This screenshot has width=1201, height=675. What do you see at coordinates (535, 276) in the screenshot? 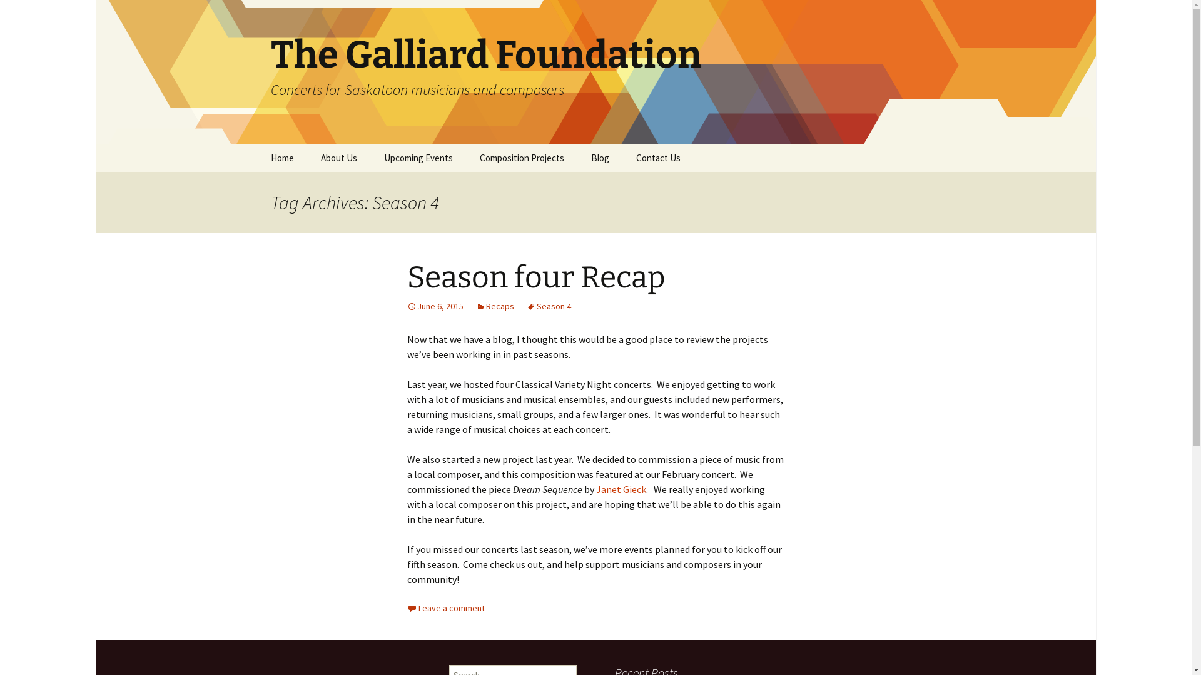
I see `'Season four Recap'` at bounding box center [535, 276].